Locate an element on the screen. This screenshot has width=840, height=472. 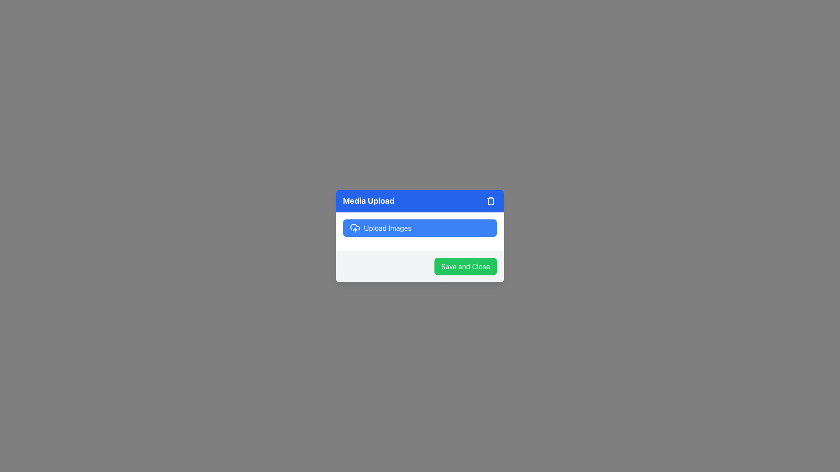
the interactive buttons in the Media Upload modal dialog, which is centrally located below the blue header titled 'Media Upload' is located at coordinates (420, 236).